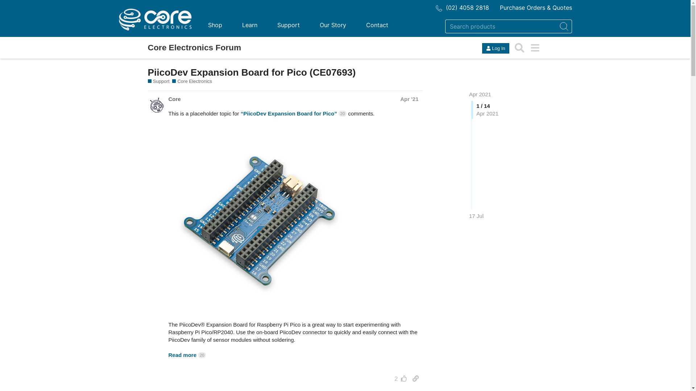  Describe the element at coordinates (480, 94) in the screenshot. I see `'Apr 2021'` at that location.